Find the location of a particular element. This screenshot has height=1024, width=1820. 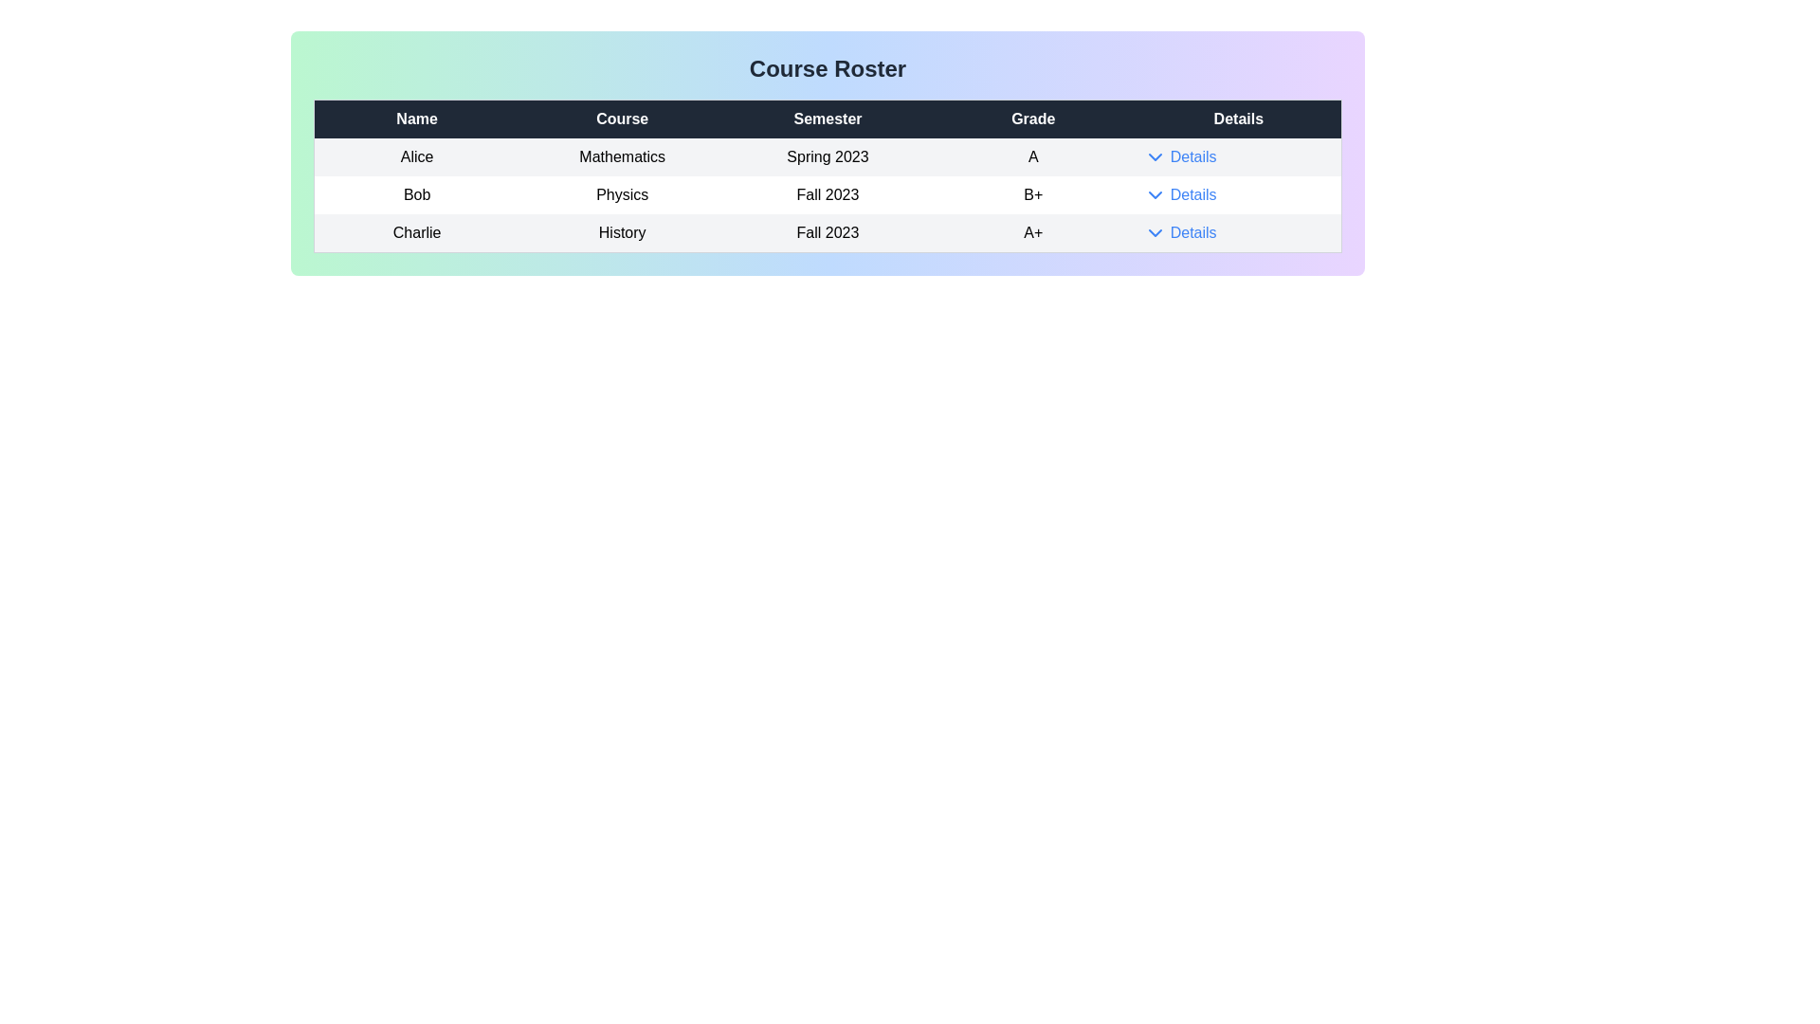

the text label displaying the name 'Bob', which is located in the first column of the second row of a tabular layout is located at coordinates (415, 194).